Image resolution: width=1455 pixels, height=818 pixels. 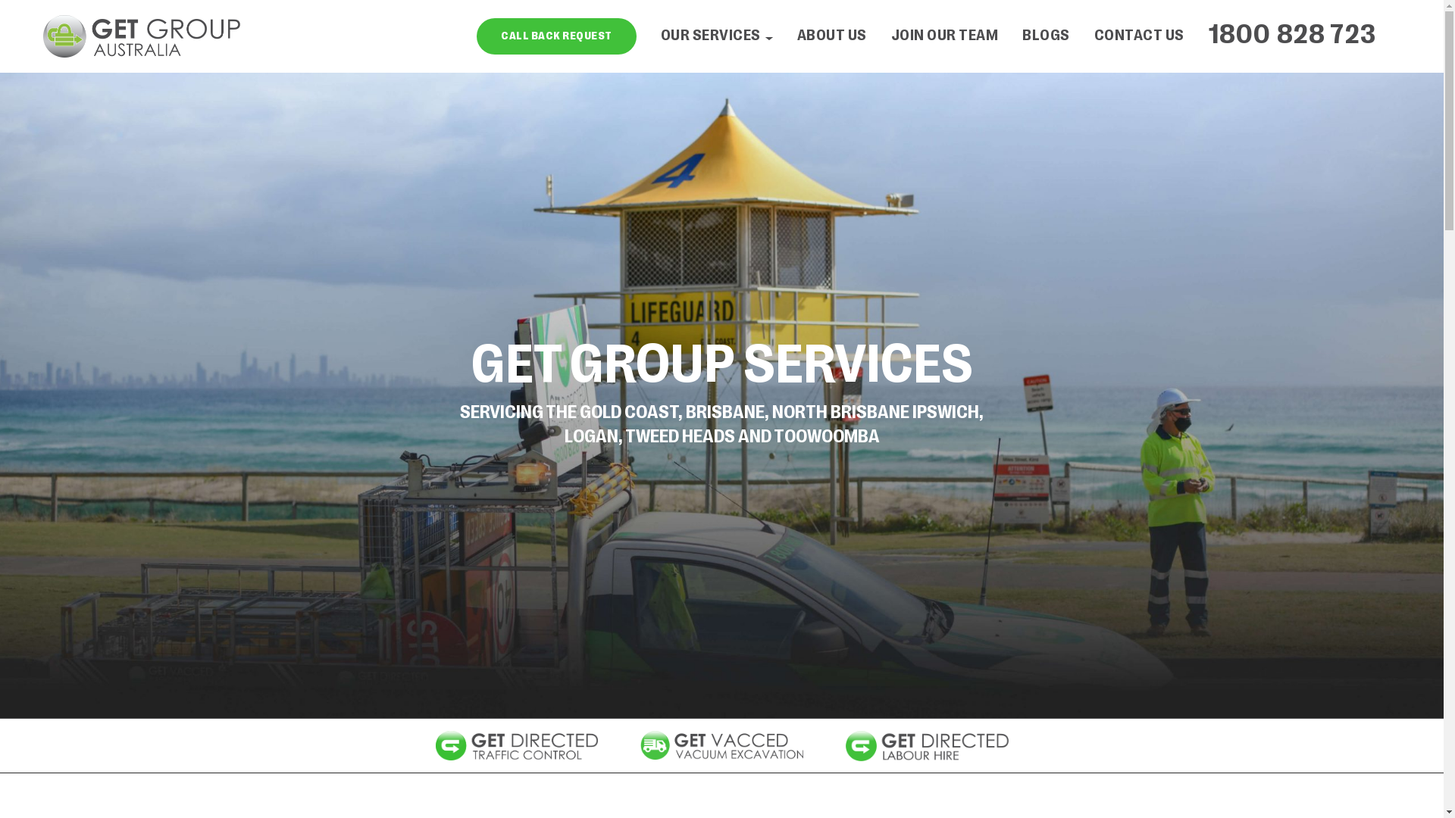 What do you see at coordinates (1045, 35) in the screenshot?
I see `'BLOGS'` at bounding box center [1045, 35].